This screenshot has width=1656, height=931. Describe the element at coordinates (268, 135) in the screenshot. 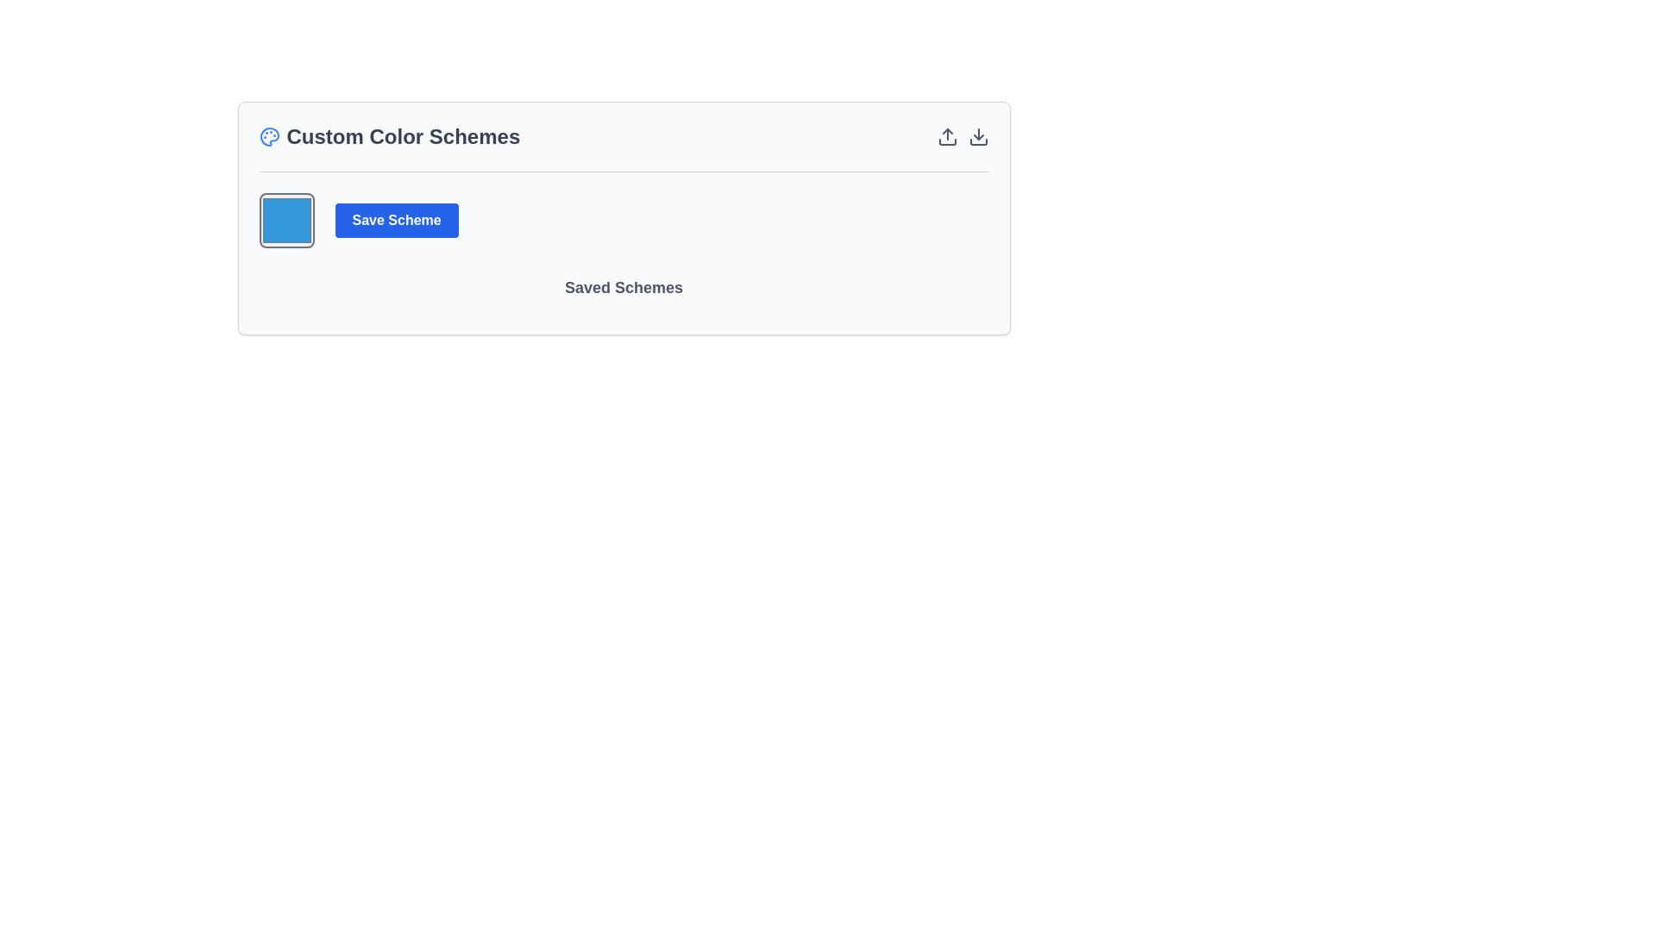

I see `the customization icon located to the left of the 'Custom Color Schemes' title` at that location.